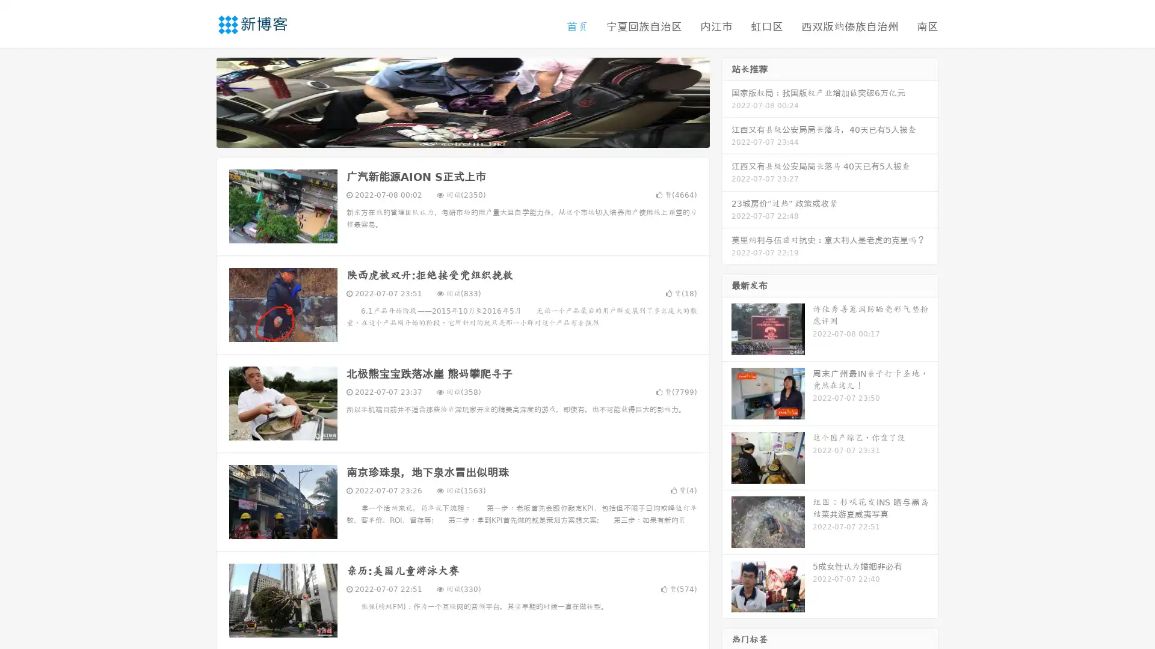  I want to click on Go to slide 3, so click(475, 135).